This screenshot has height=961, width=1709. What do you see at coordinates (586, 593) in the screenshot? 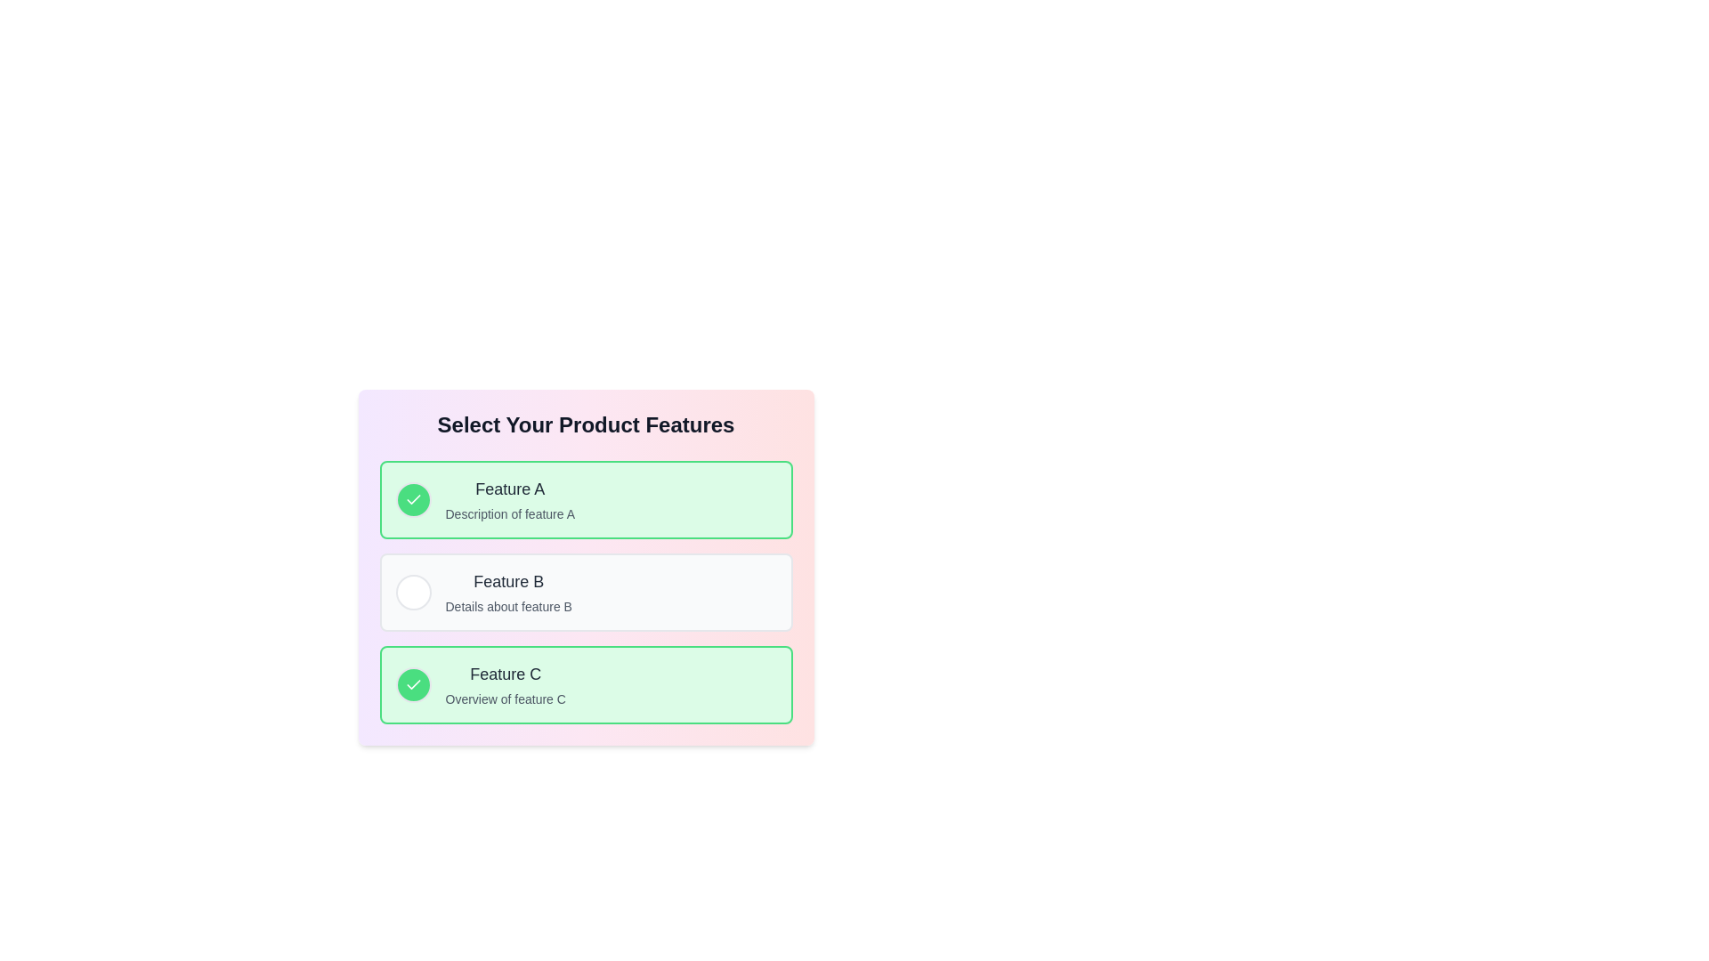
I see `the circular interactive button within the 'Feature B' section of the Selectable content` at bounding box center [586, 593].